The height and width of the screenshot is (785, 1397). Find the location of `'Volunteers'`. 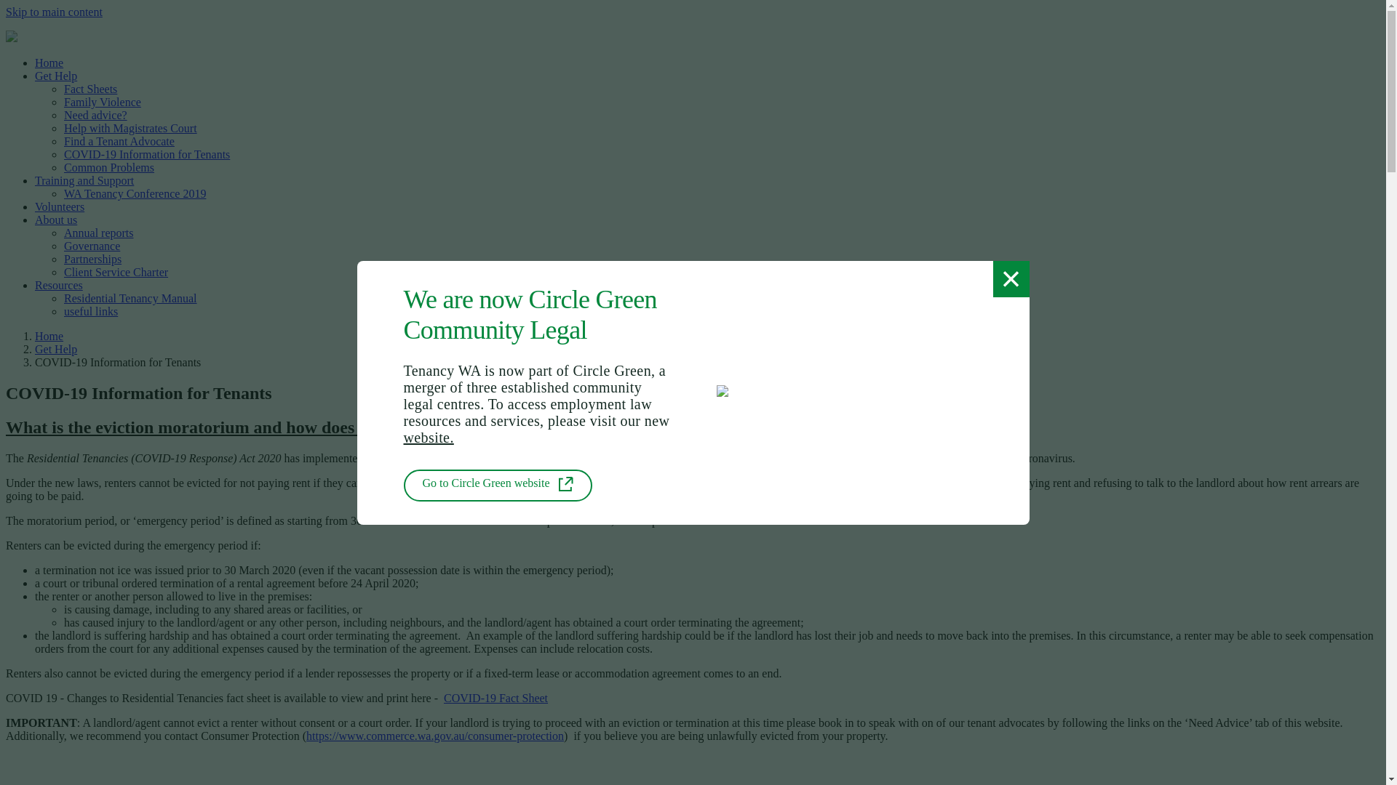

'Volunteers' is located at coordinates (58, 206).